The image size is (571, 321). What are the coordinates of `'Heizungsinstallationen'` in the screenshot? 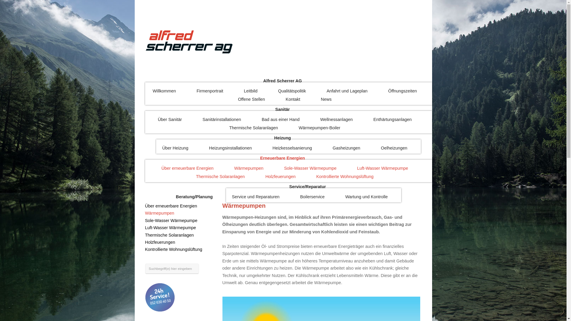 It's located at (230, 149).